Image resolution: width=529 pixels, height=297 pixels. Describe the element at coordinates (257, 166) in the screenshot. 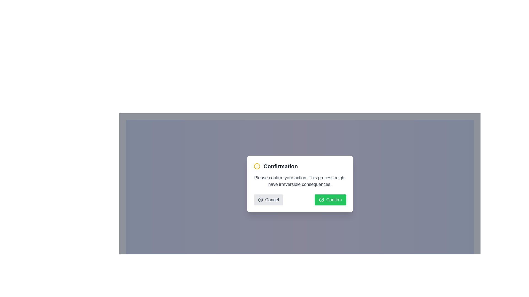

I see `the alert or warning icon located near the top-left corner of the modal dialog, directly to the left of the 'Confirmation' title text` at that location.